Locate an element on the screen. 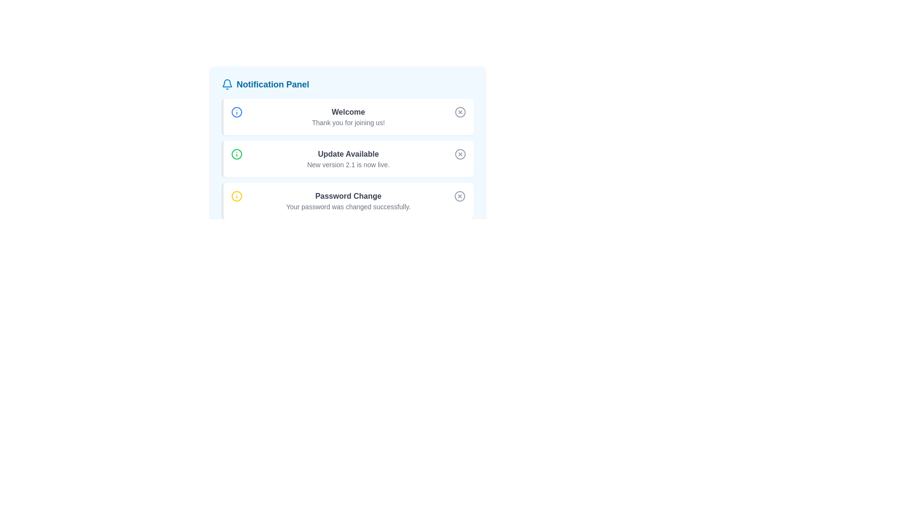 The image size is (917, 516). the Text Display Component located in the first notification box, positioned to the right of a blue circular icon is located at coordinates (348, 117).